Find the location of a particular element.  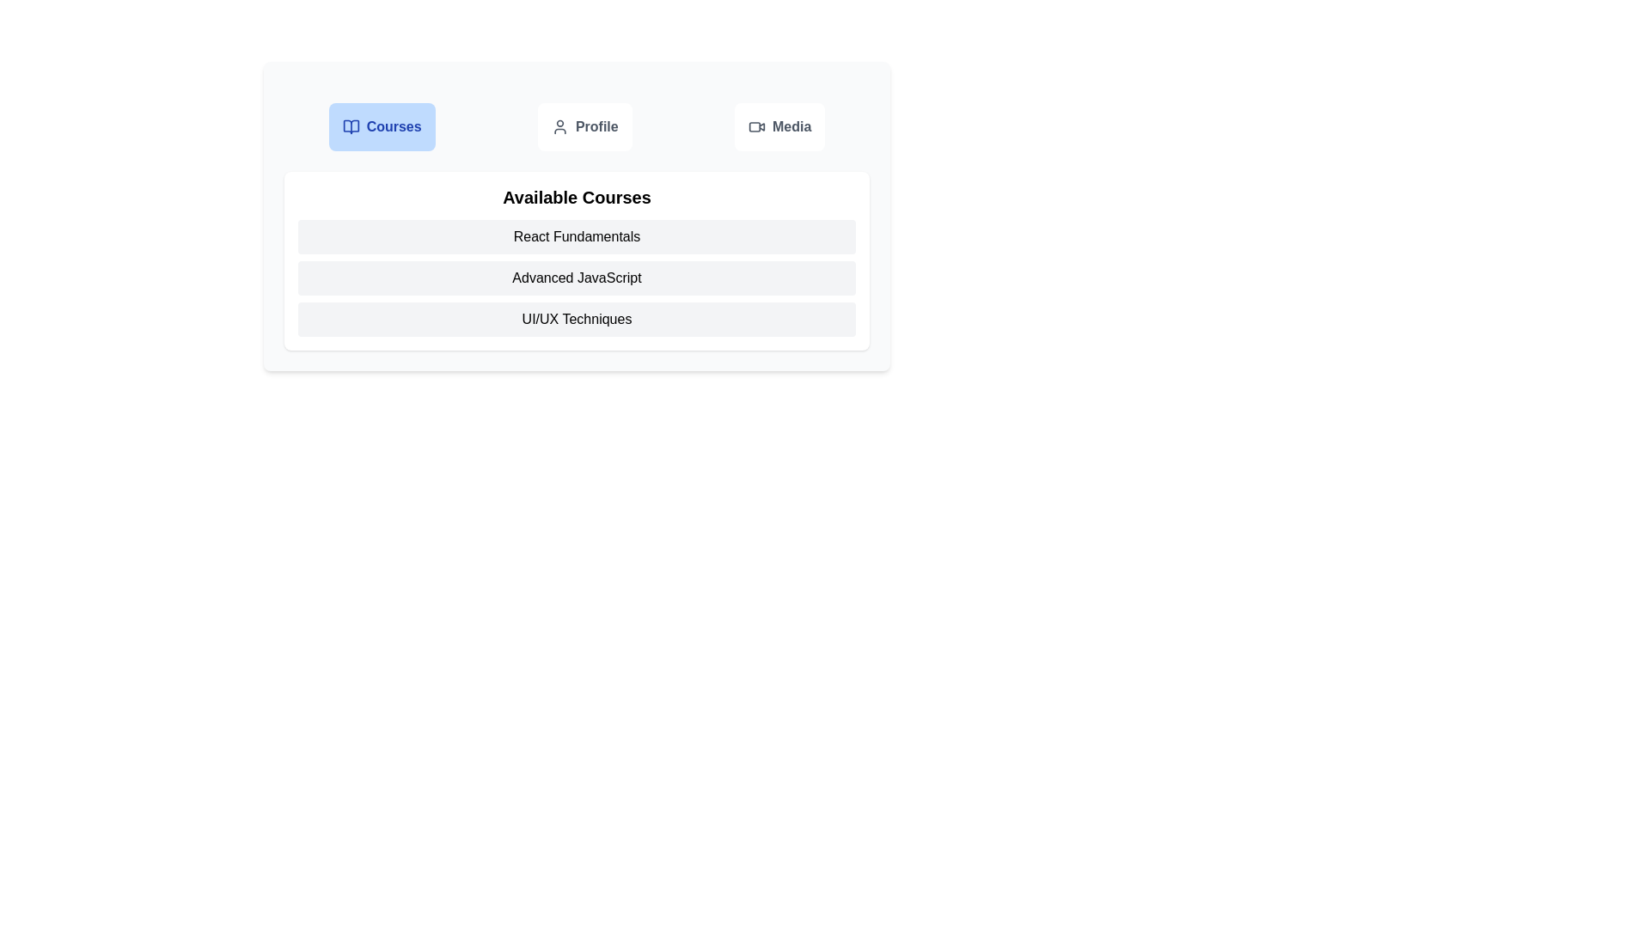

the 'Media' icon located in the third button option of the top-level navigation bar is located at coordinates (756, 125).